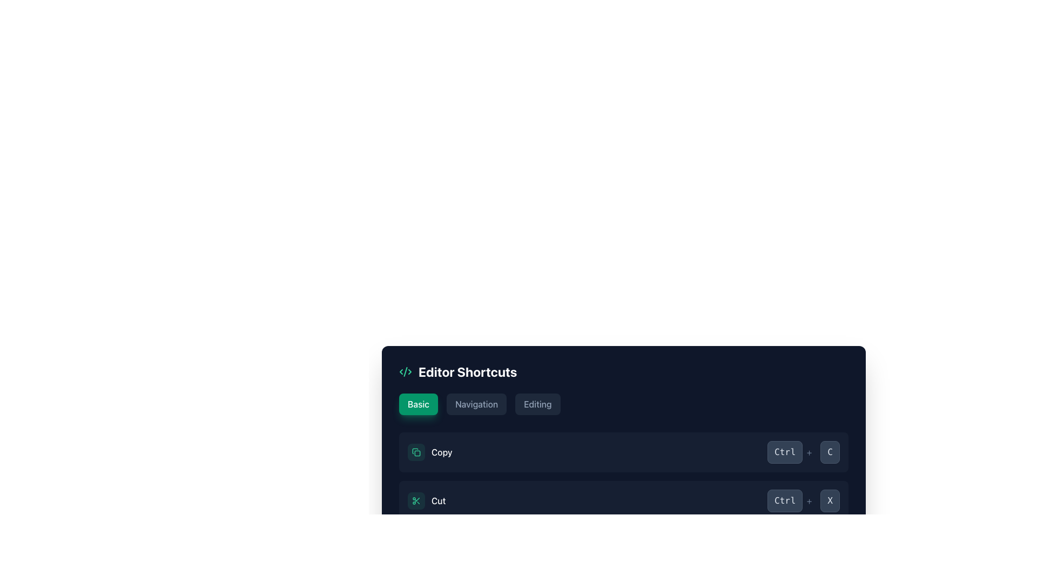 Image resolution: width=1037 pixels, height=583 pixels. Describe the element at coordinates (830, 501) in the screenshot. I see `the decorative label representing the 'X' key in the 'Cut' entry of the 'Editor Shortcuts' section, which visually indicates the keyboard shortcut 'Ctrl+X'` at that location.